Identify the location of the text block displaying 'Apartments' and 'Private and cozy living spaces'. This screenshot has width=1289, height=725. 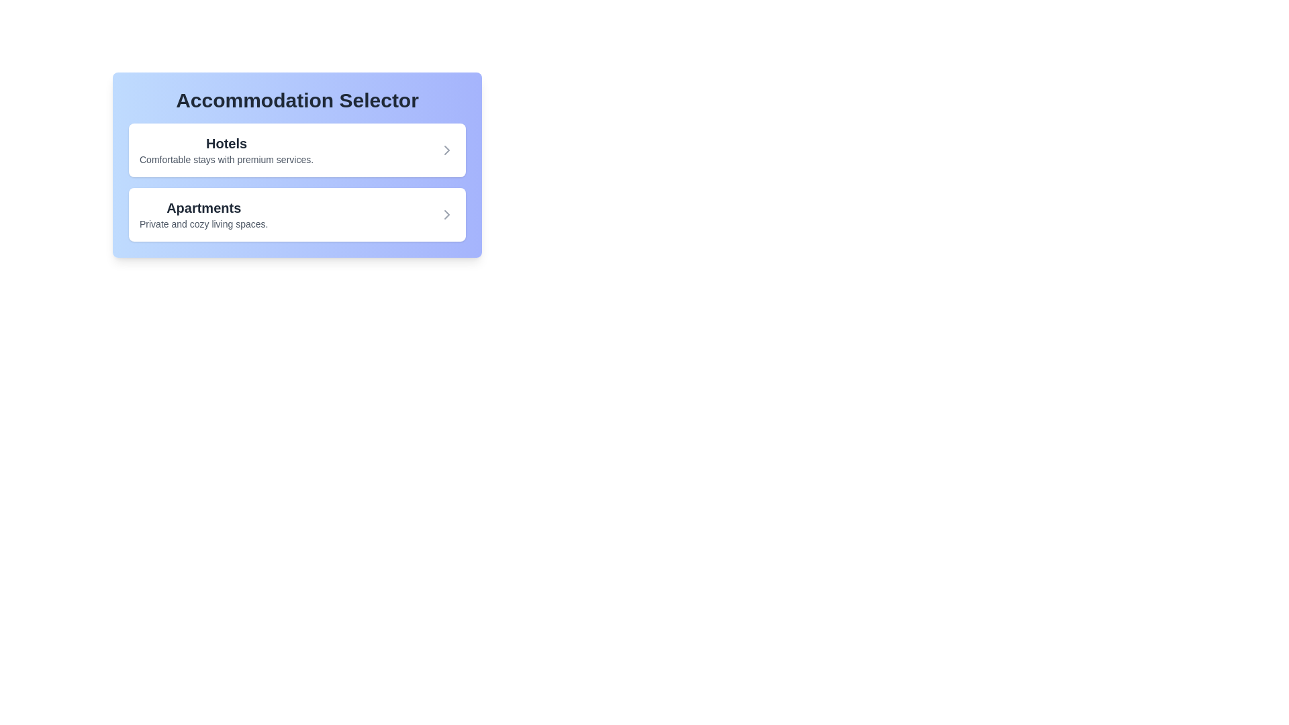
(203, 214).